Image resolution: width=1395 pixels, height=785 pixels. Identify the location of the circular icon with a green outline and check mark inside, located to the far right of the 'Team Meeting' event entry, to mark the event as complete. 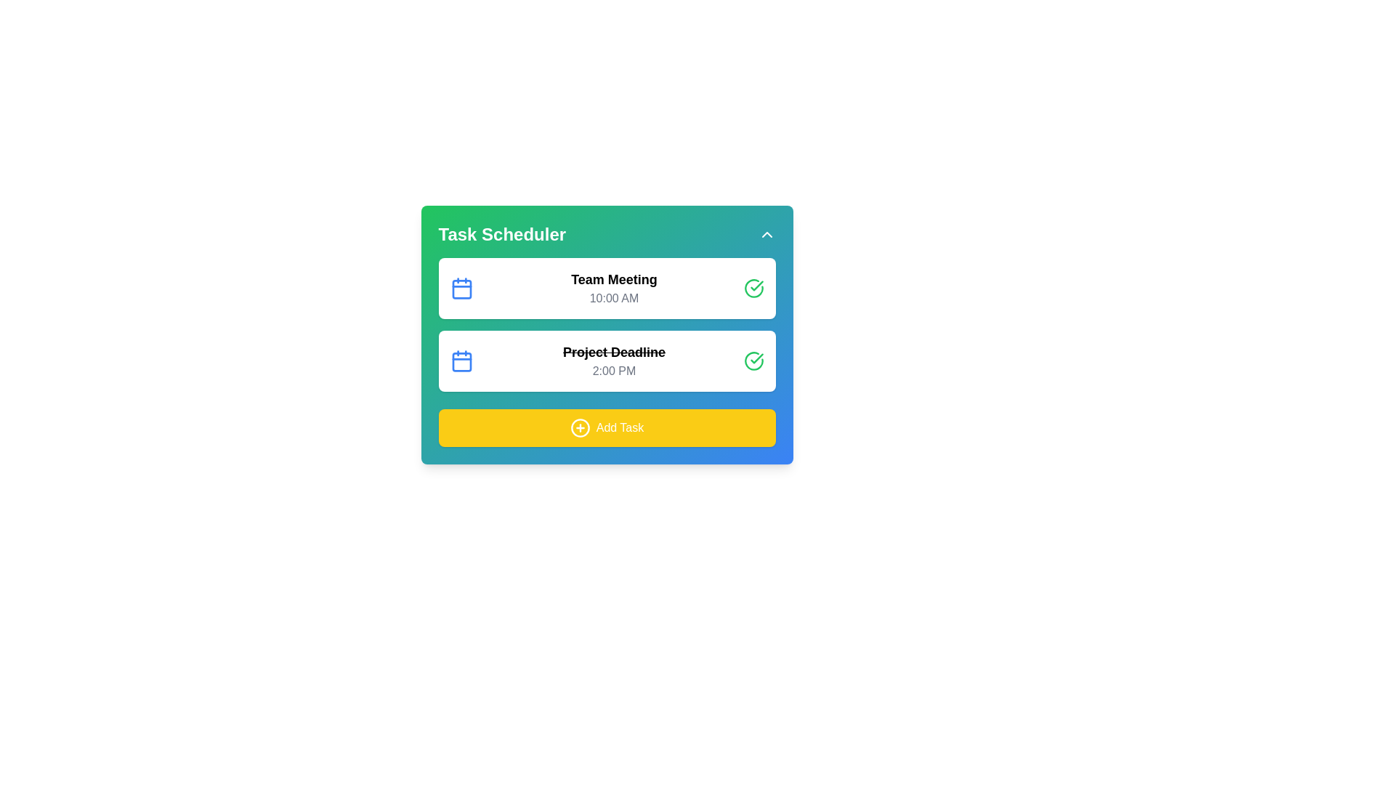
(753, 289).